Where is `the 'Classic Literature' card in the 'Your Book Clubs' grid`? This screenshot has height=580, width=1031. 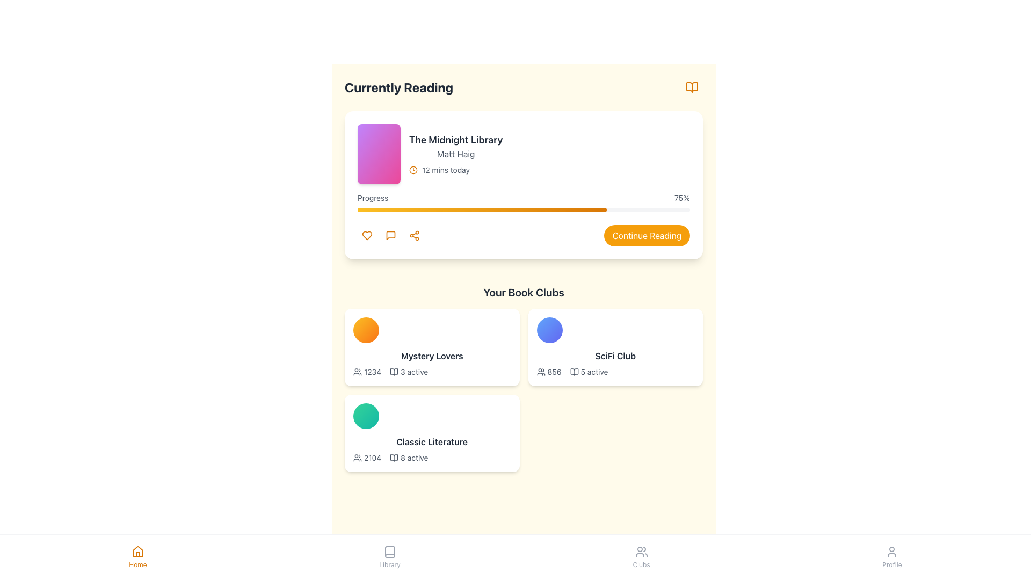
the 'Classic Literature' card in the 'Your Book Clubs' grid is located at coordinates (432, 432).